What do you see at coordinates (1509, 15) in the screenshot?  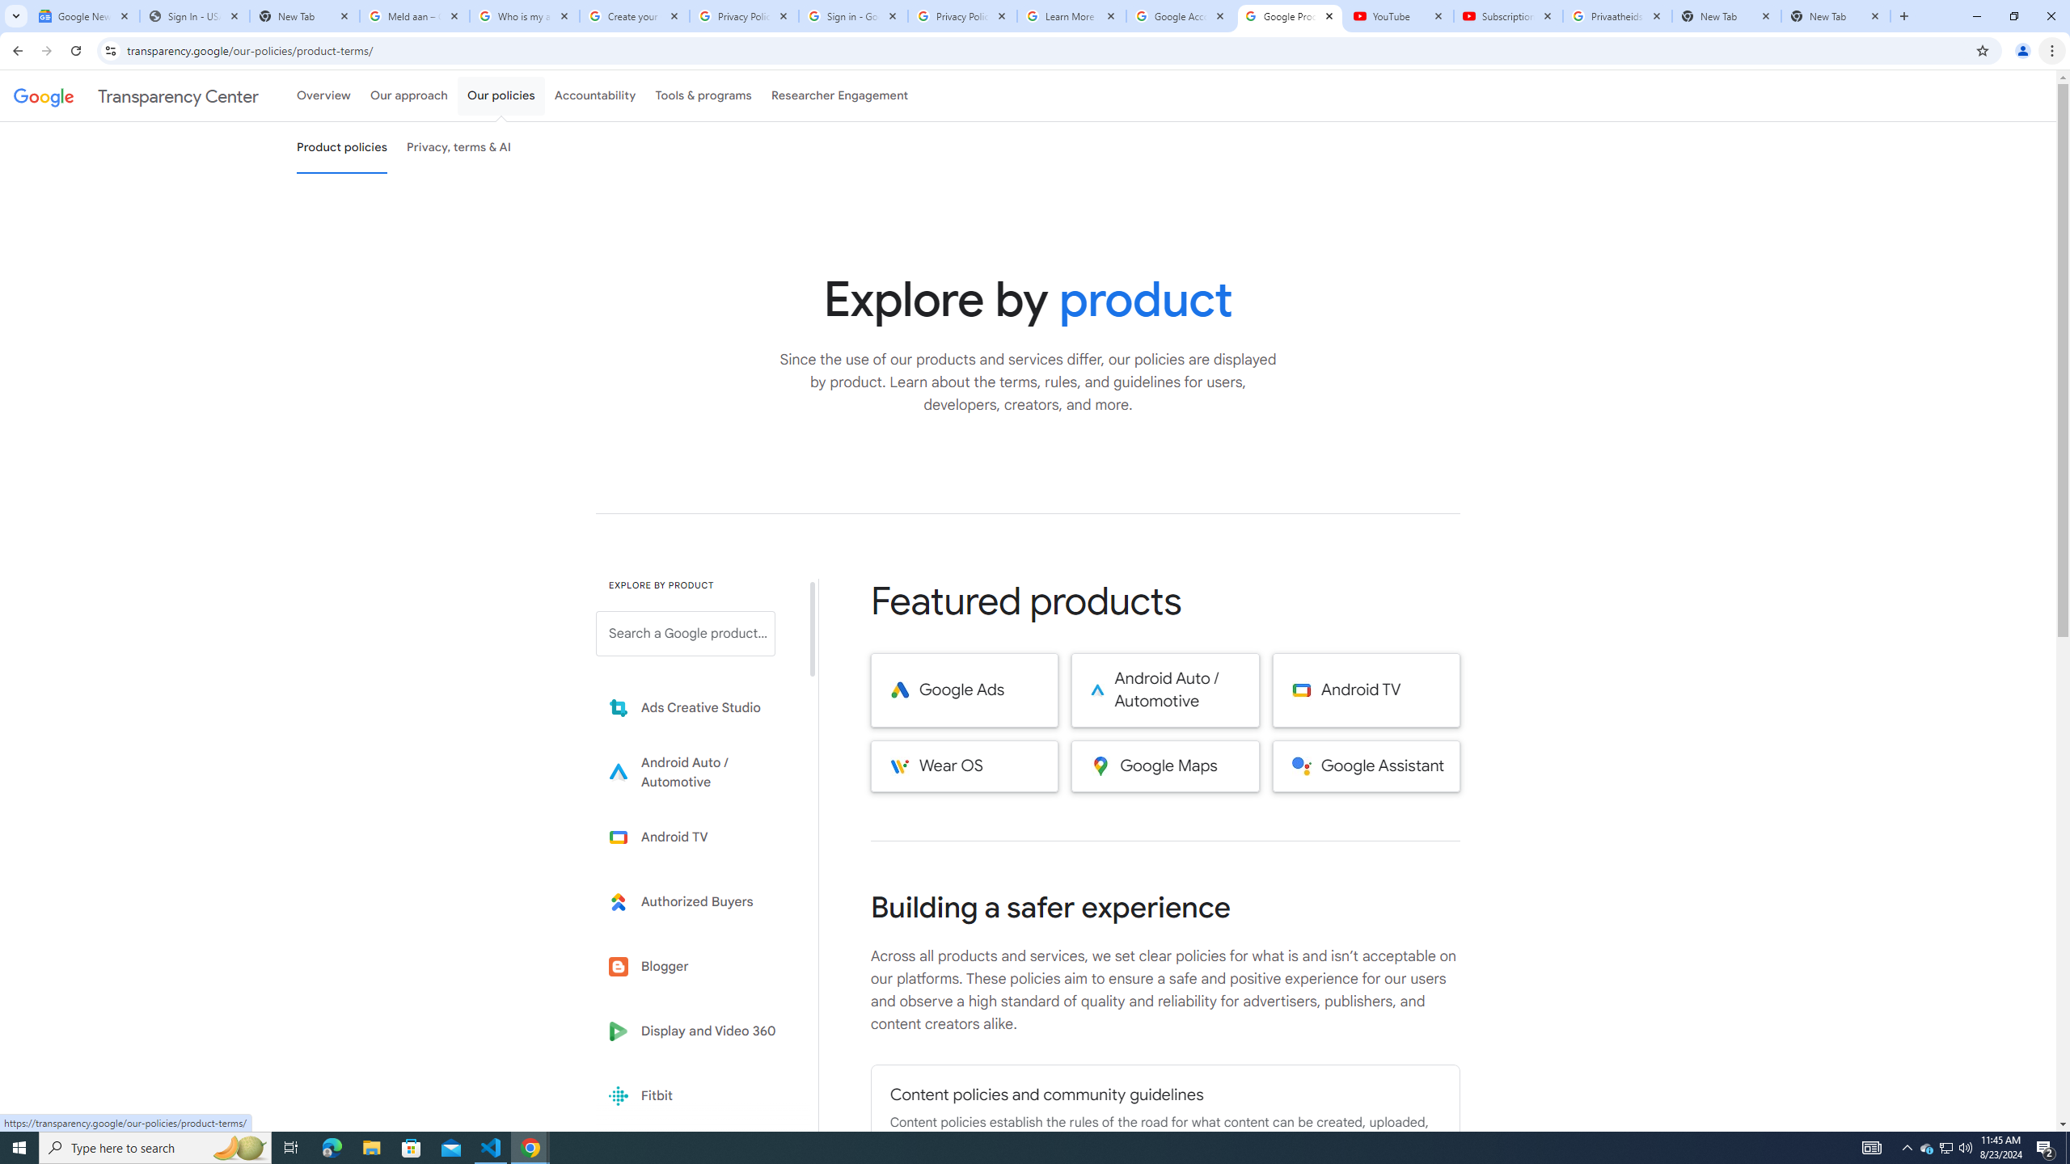 I see `'Subscriptions - YouTube'` at bounding box center [1509, 15].